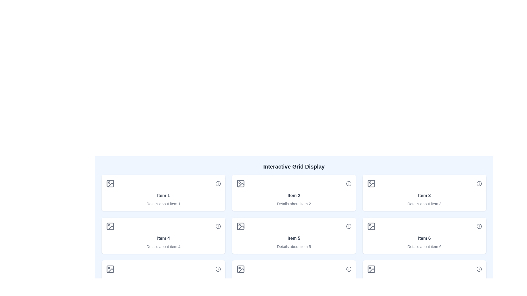  I want to click on the small rounded rectangle located inside the icon of the grid item labeled 'Item 1' in the upper-left corner, so click(110, 184).